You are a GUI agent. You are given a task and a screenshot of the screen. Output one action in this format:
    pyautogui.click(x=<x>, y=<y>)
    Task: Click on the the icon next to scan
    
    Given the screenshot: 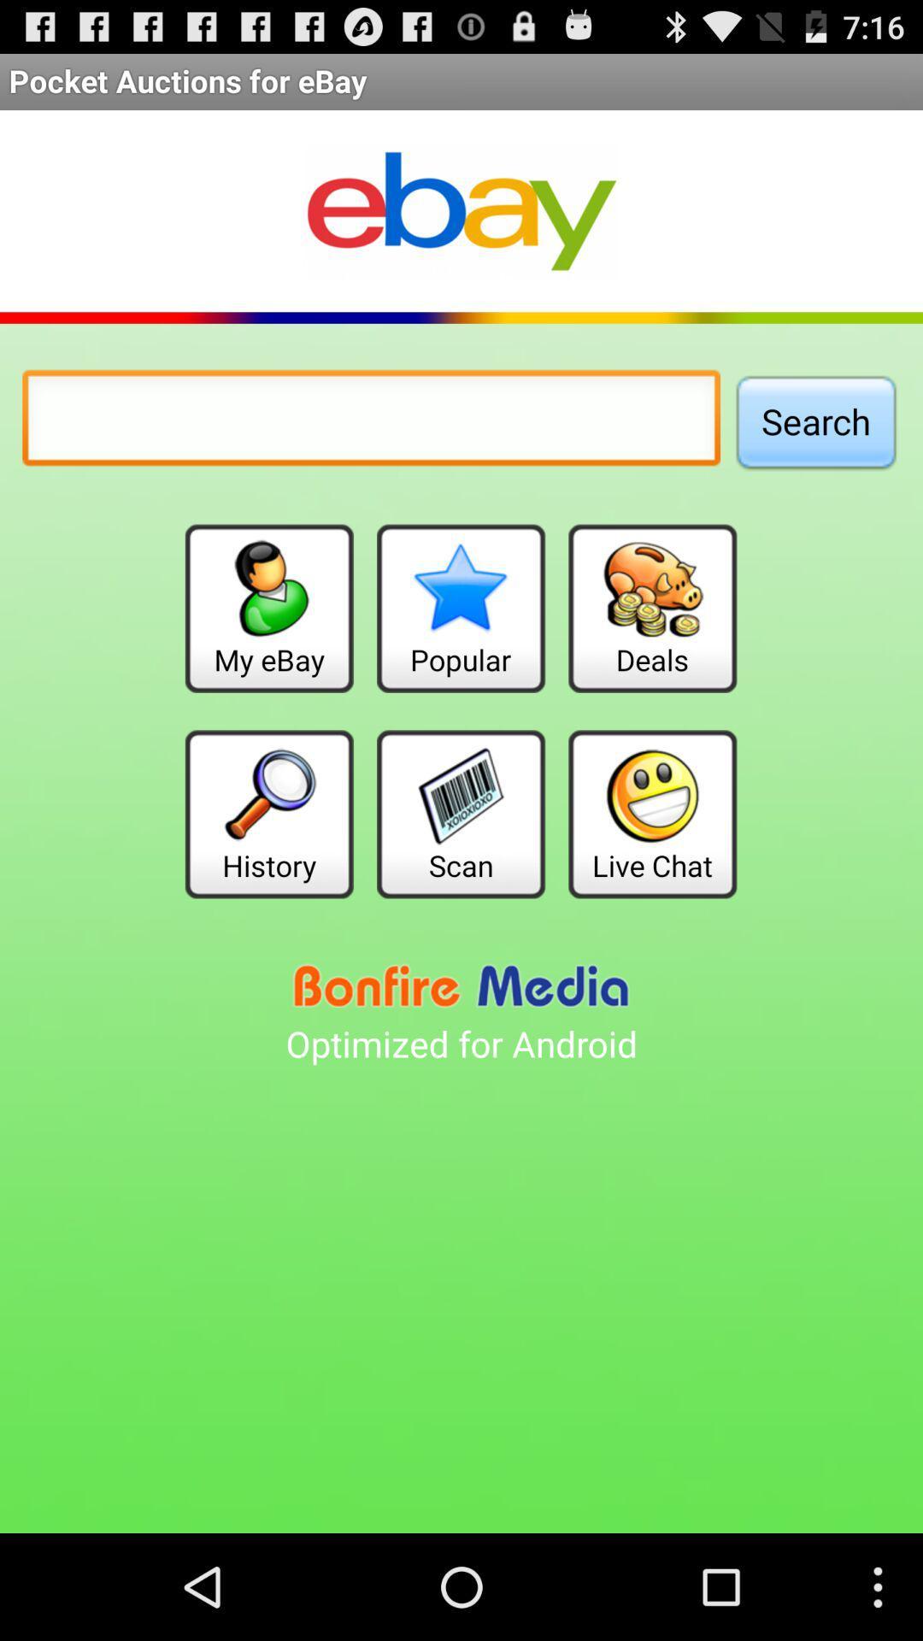 What is the action you would take?
    pyautogui.click(x=269, y=813)
    